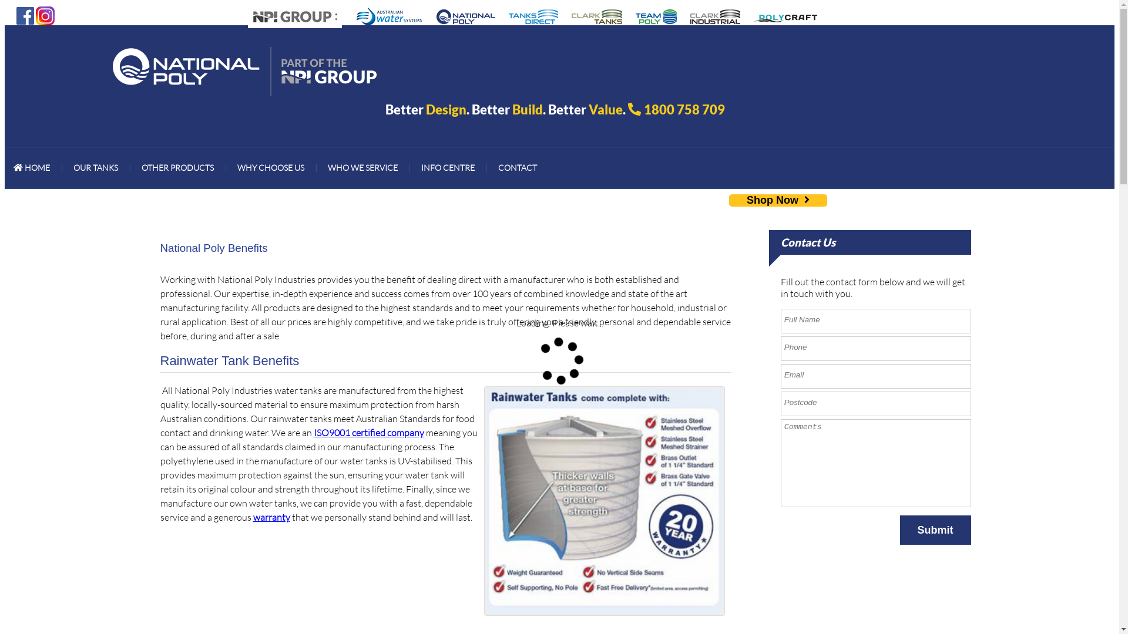 Image resolution: width=1128 pixels, height=634 pixels. I want to click on 'Facebook page', so click(25, 14).